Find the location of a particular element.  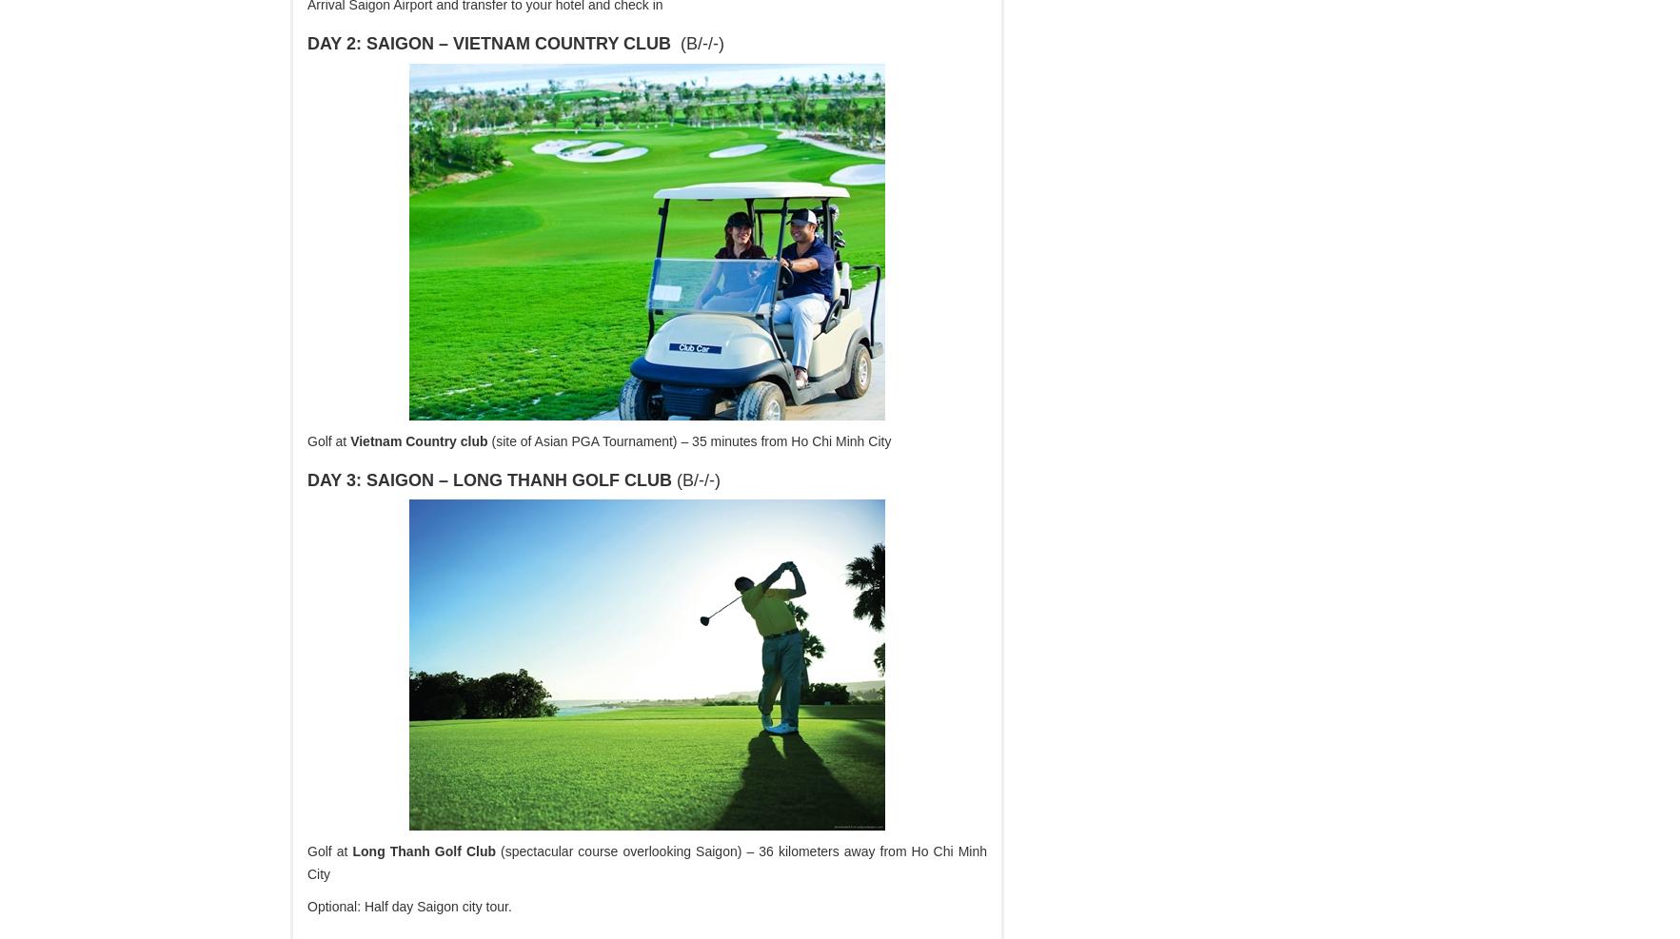

'VIETNAM COUNTRY CLUB' is located at coordinates (561, 42).